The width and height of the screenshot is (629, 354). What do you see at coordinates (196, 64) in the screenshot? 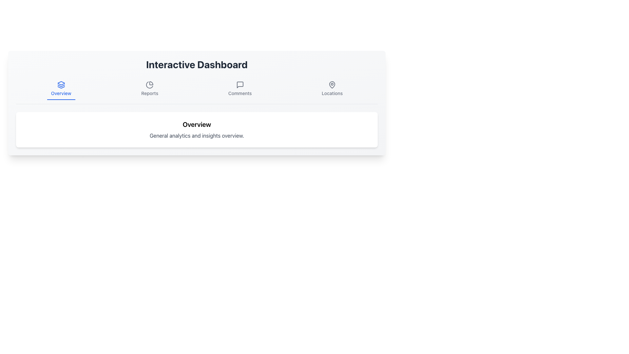
I see `text heading located at the top center of the dashboard interface, which serves as the title indicating the overall context and feature set of the application` at bounding box center [196, 64].